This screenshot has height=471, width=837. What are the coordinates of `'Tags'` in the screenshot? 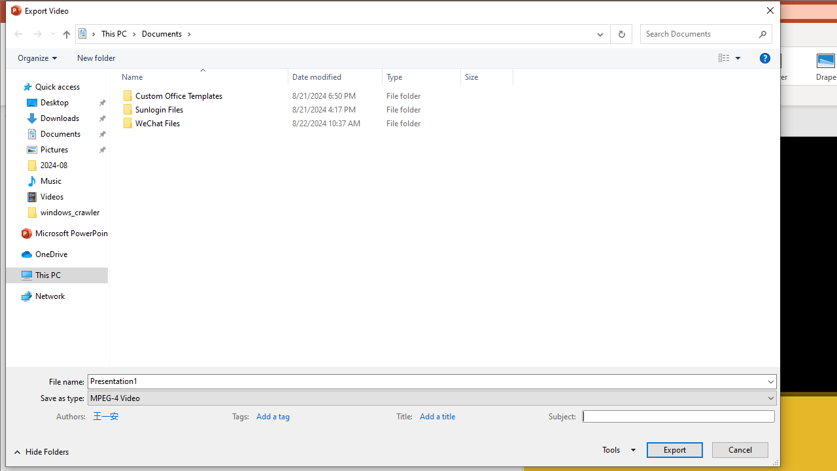 It's located at (297, 415).